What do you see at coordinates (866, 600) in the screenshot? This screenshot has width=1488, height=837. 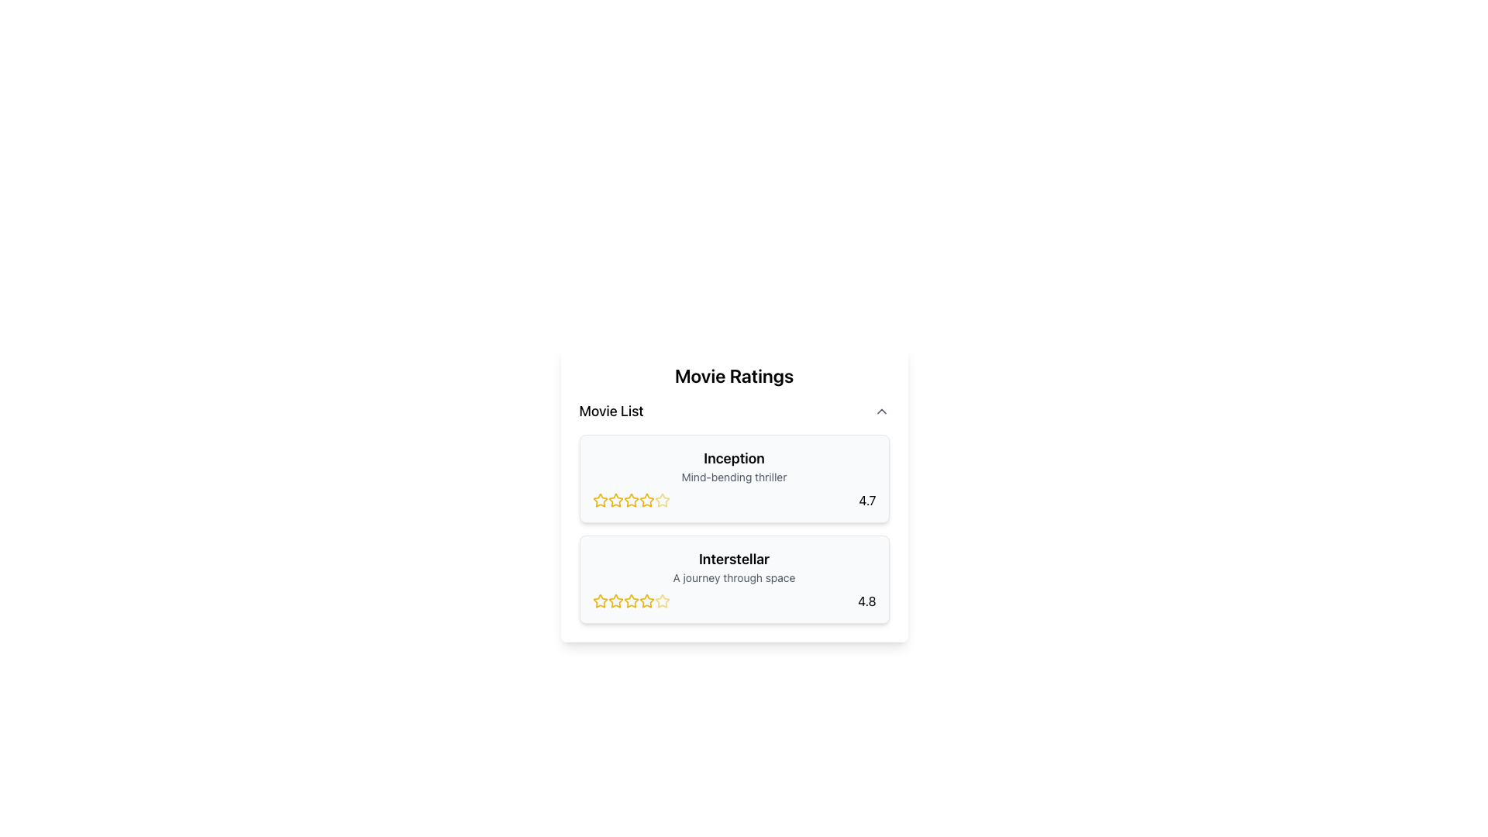 I see `the numerical rating score of the movie 'Interstellar', located at the lower-right corner of the card, next to the yellow star icons` at bounding box center [866, 600].